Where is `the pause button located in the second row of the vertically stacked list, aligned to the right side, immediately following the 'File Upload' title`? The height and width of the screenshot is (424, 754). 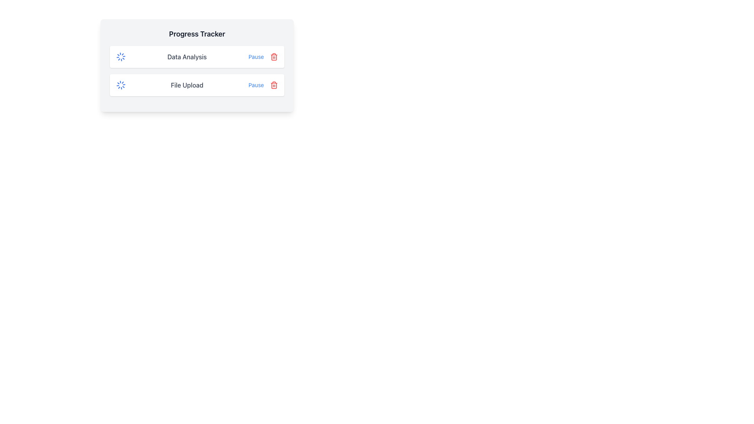 the pause button located in the second row of the vertically stacked list, aligned to the right side, immediately following the 'File Upload' title is located at coordinates (256, 85).